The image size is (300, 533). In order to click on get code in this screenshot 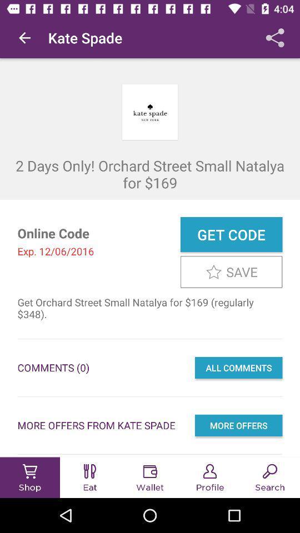, I will do `click(231, 234)`.